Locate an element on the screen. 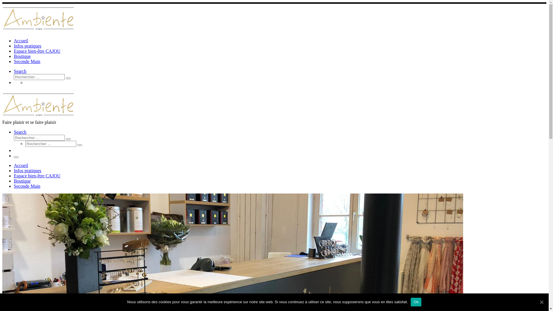 The width and height of the screenshot is (553, 311). 'Ok' is located at coordinates (416, 302).